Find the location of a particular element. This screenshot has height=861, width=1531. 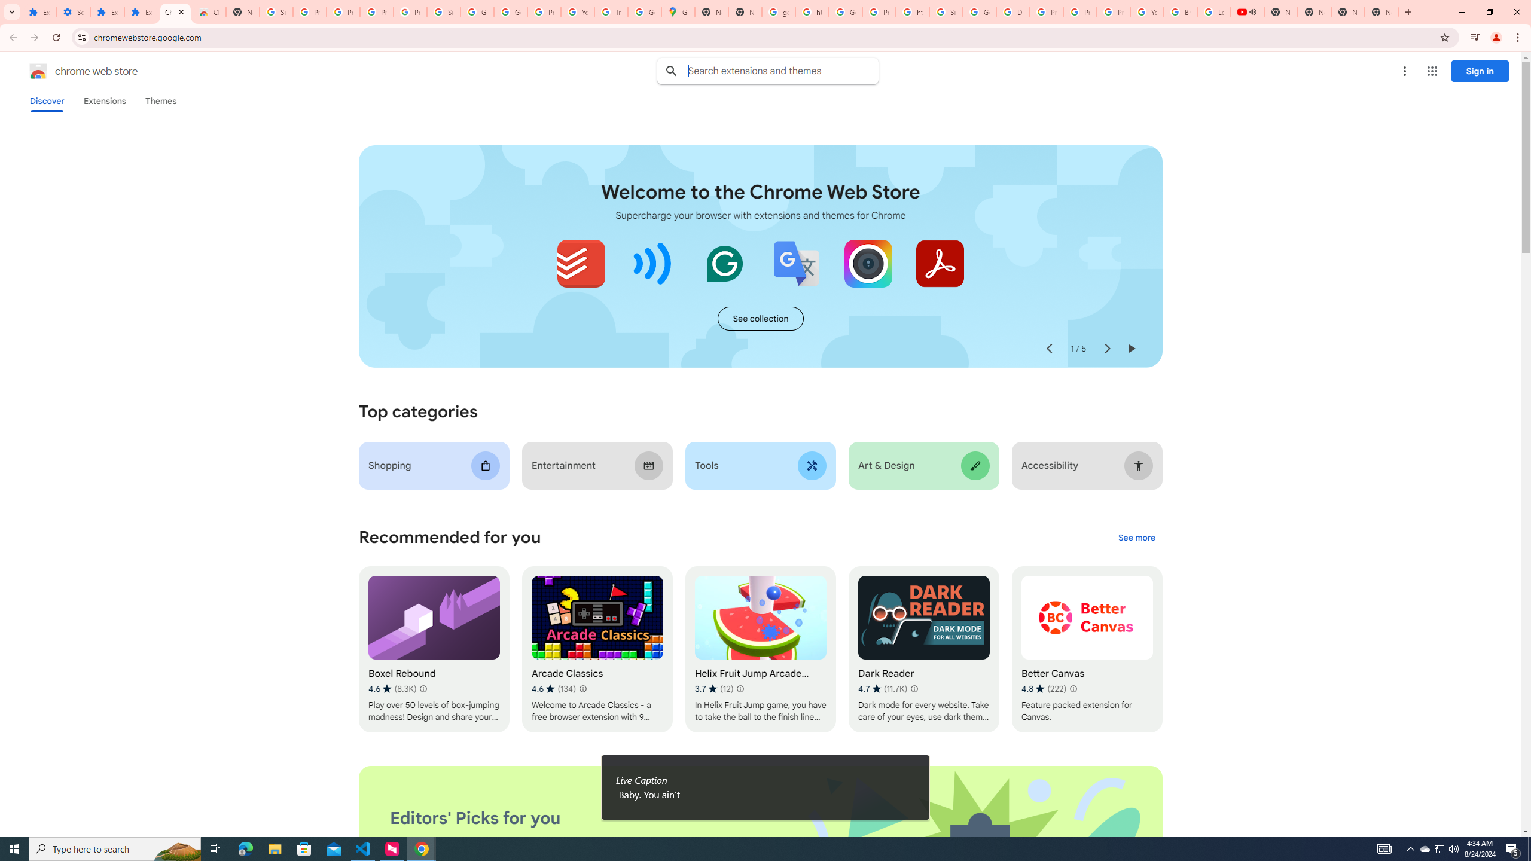

'Privacy Help Center - Policies Help' is located at coordinates (1045, 11).